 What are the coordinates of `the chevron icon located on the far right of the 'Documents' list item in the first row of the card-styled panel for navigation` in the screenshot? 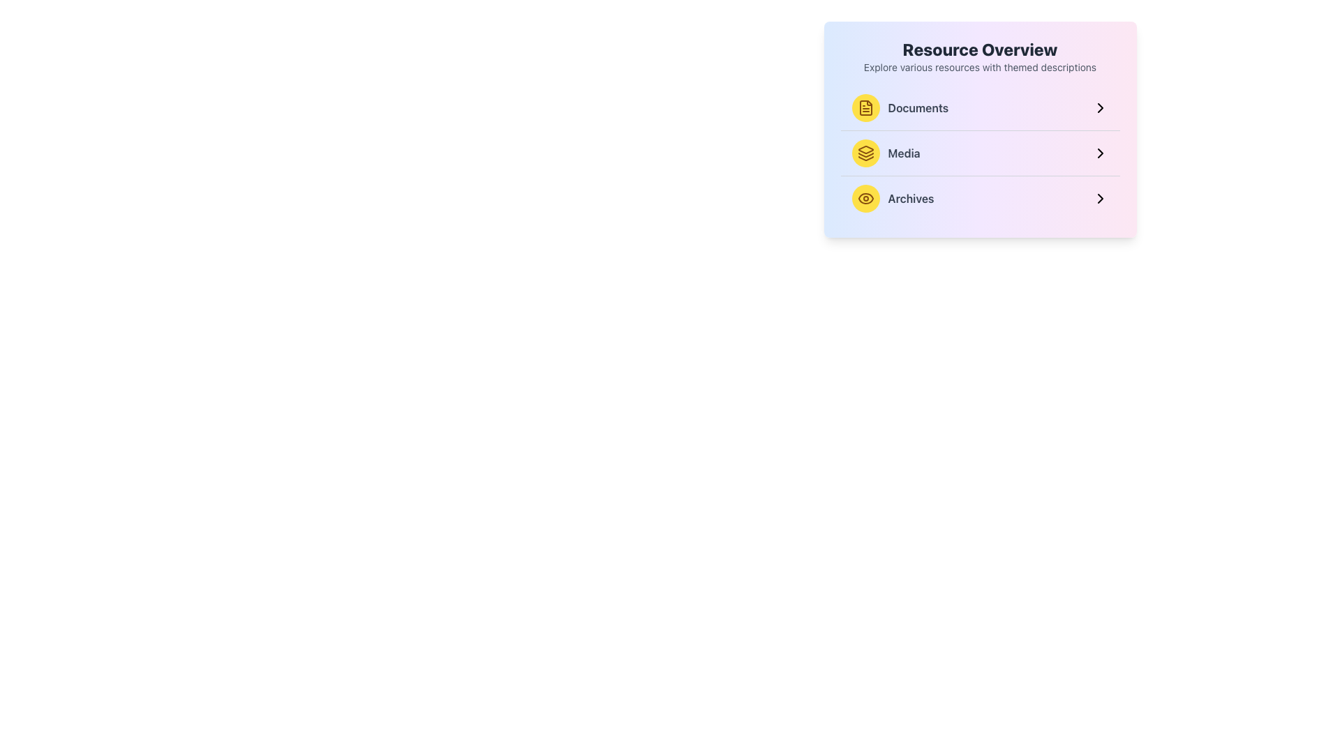 It's located at (1099, 107).